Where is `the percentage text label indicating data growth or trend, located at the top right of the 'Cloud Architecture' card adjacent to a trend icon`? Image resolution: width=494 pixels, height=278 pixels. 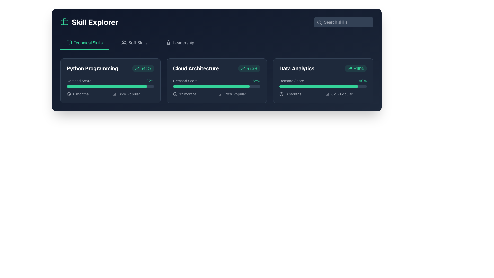
the percentage text label indicating data growth or trend, located at the top right of the 'Cloud Architecture' card adjacent to a trend icon is located at coordinates (252, 68).